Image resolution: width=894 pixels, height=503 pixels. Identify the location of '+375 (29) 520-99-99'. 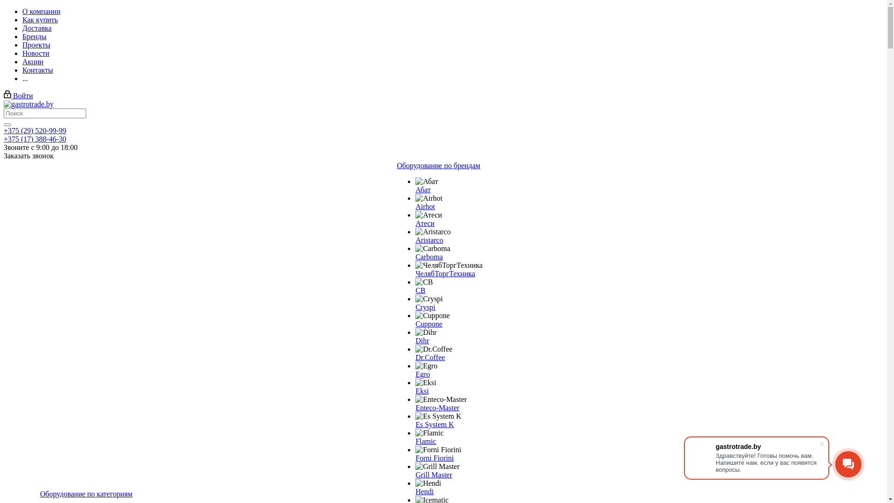
(35, 130).